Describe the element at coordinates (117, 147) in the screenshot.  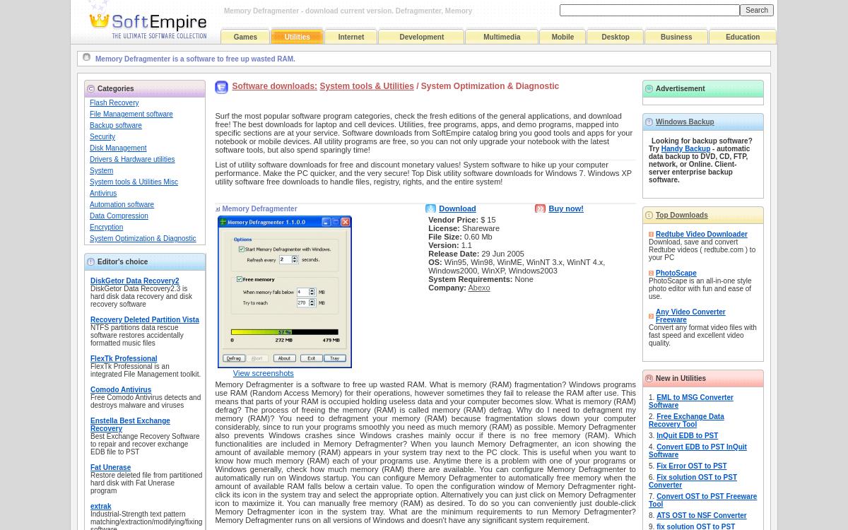
I see `'Disk Management'` at that location.